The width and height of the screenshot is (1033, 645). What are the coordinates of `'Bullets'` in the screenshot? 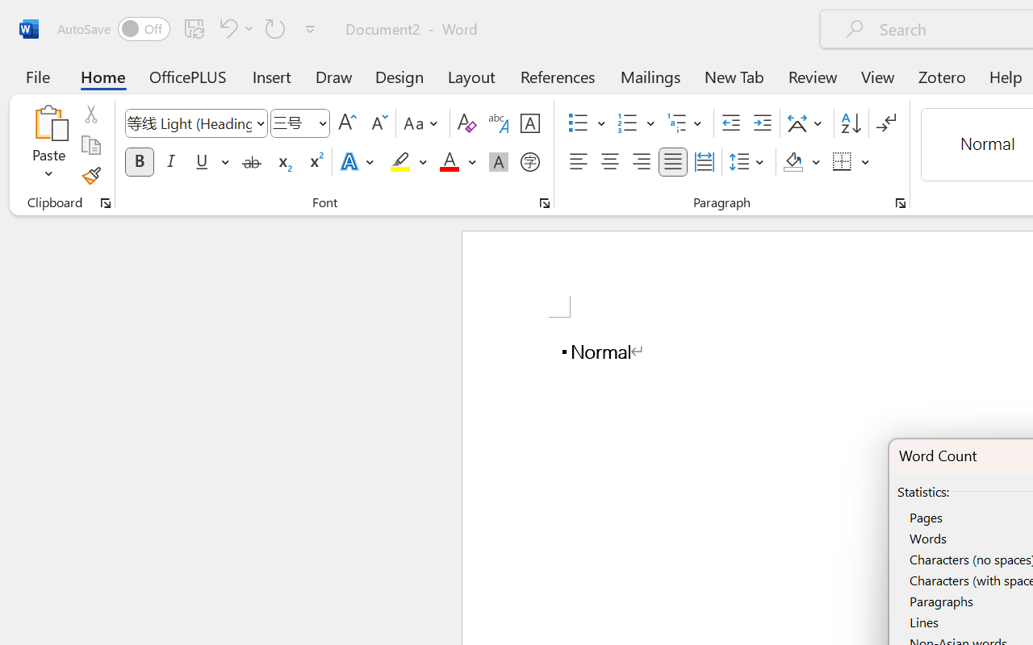 It's located at (578, 123).